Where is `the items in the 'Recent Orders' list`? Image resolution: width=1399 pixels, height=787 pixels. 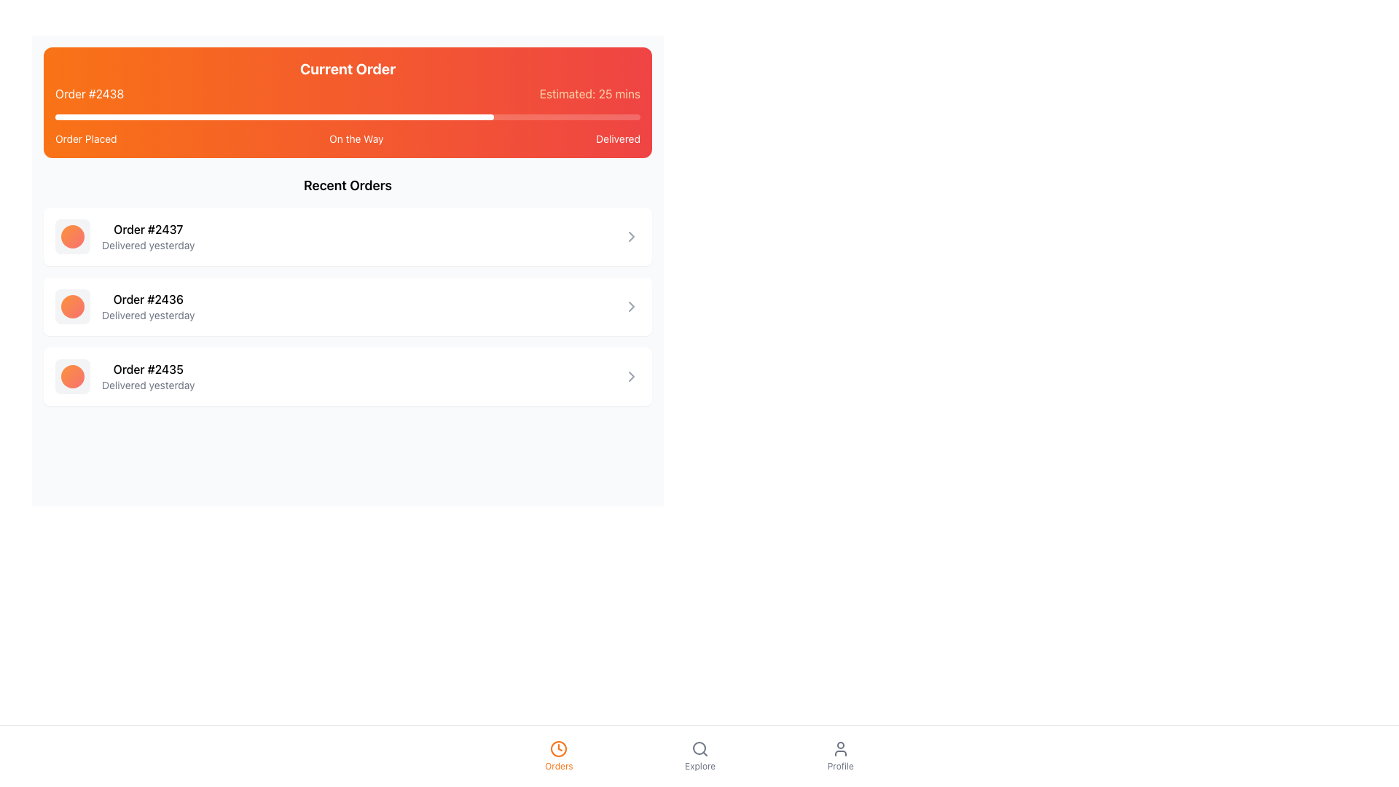 the items in the 'Recent Orders' list is located at coordinates (347, 290).